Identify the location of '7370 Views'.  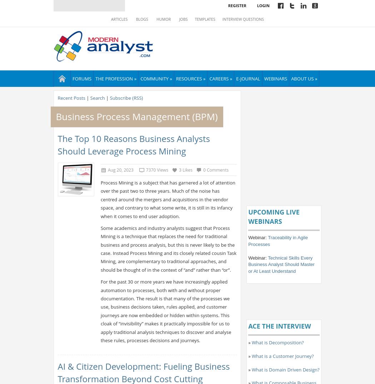
(156, 169).